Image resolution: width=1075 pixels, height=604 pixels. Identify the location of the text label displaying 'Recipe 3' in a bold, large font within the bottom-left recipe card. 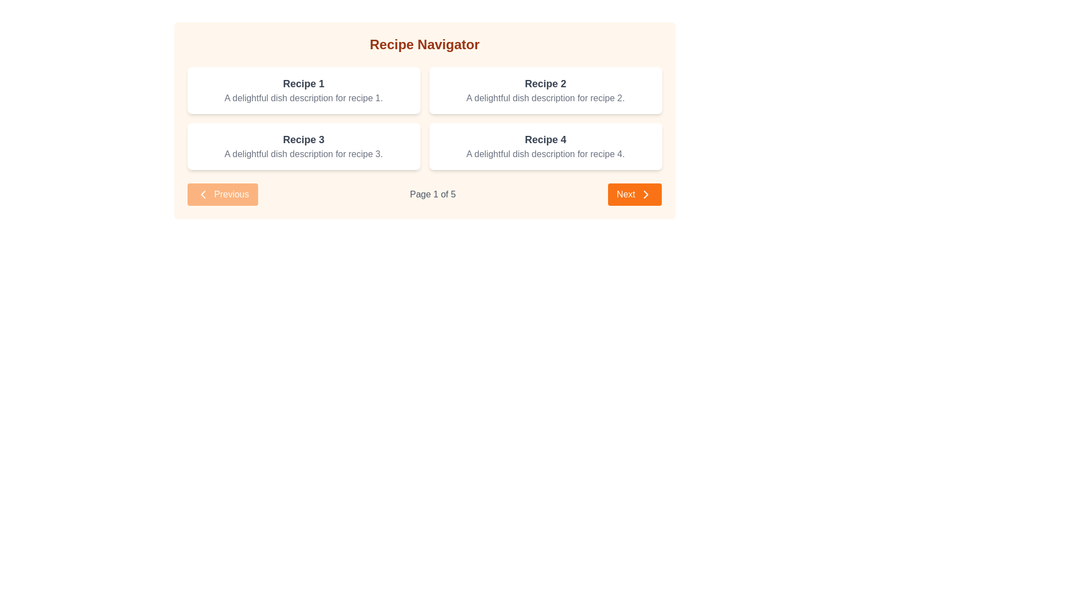
(303, 139).